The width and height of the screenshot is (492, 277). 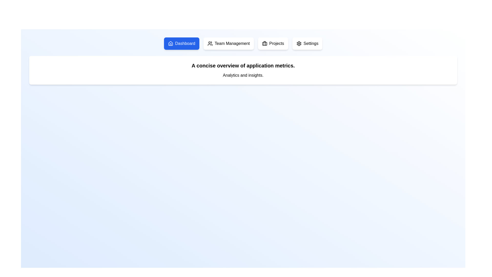 I want to click on the 'Dashboard' icon located at the upper left corner of the navigation bar, so click(x=170, y=43).